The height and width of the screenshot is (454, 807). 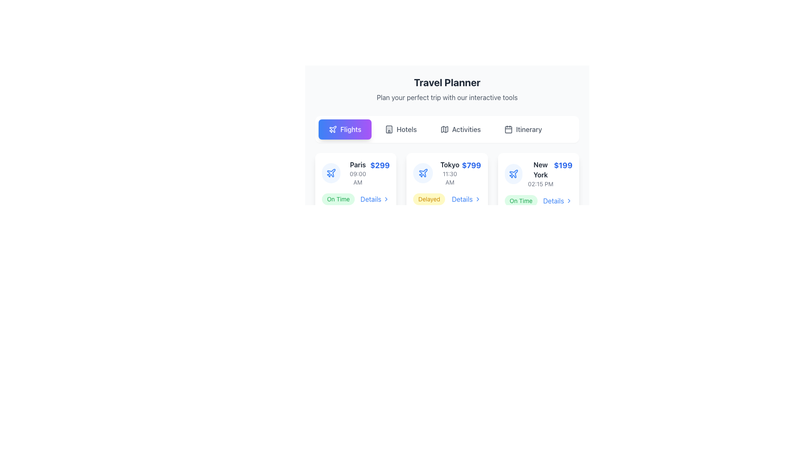 I want to click on the airplane icon that serves as a visual indicator for flight-related information within the flight details card, positioned above the text indicating destination and price, so click(x=331, y=172).